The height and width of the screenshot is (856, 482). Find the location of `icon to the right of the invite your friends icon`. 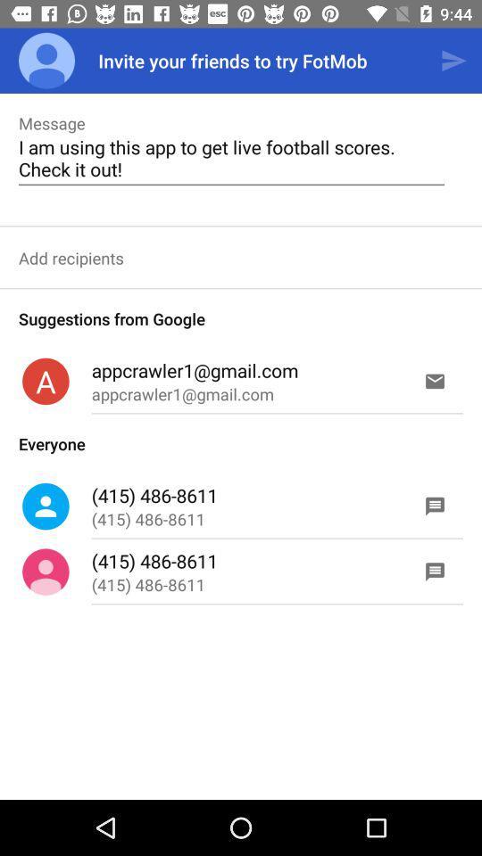

icon to the right of the invite your friends icon is located at coordinates (453, 61).